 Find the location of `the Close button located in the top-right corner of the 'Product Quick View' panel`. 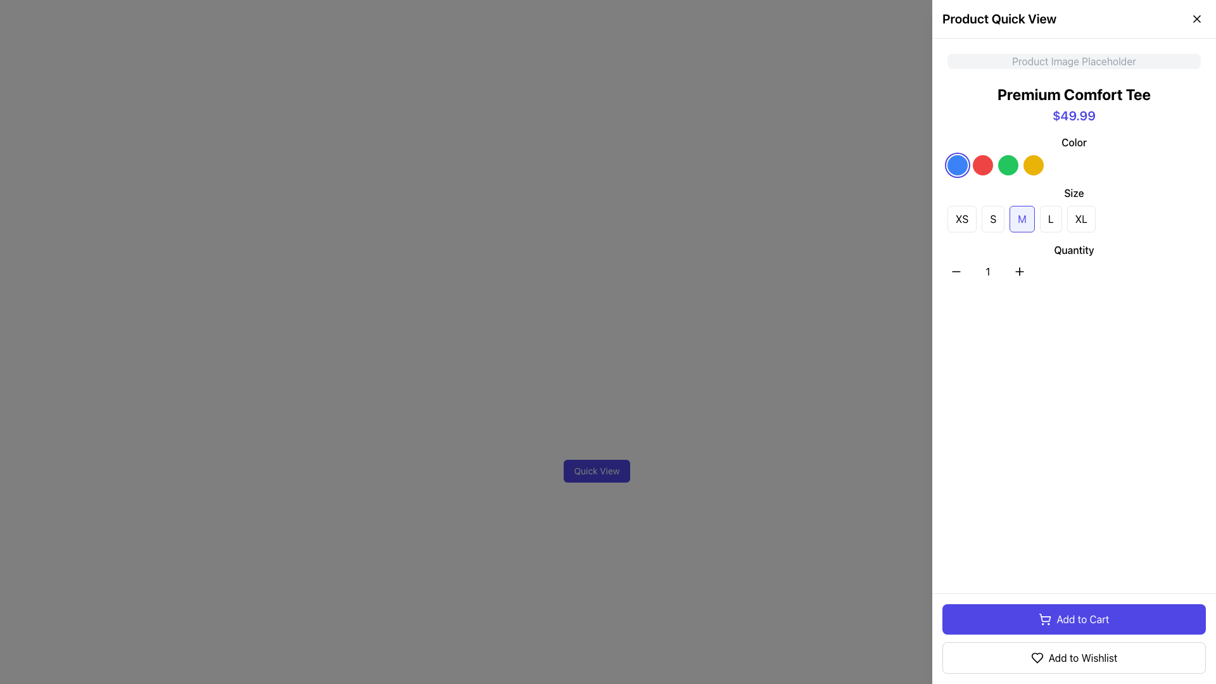

the Close button located in the top-right corner of the 'Product Quick View' panel is located at coordinates (1196, 19).